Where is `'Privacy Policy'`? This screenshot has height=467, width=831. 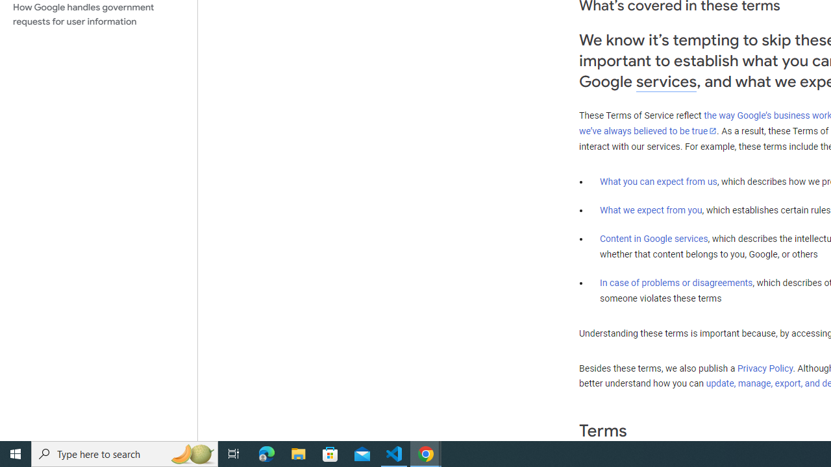 'Privacy Policy' is located at coordinates (765, 368).